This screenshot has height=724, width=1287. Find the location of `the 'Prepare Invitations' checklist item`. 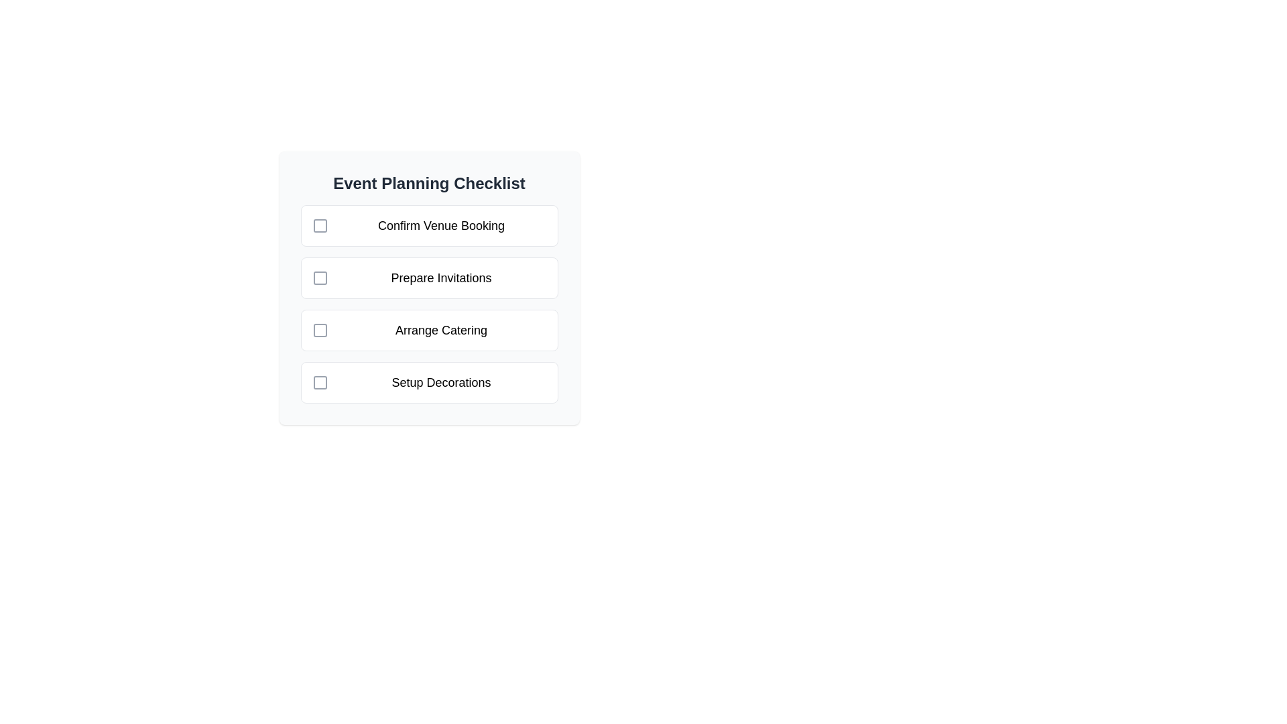

the 'Prepare Invitations' checklist item is located at coordinates (429, 287).